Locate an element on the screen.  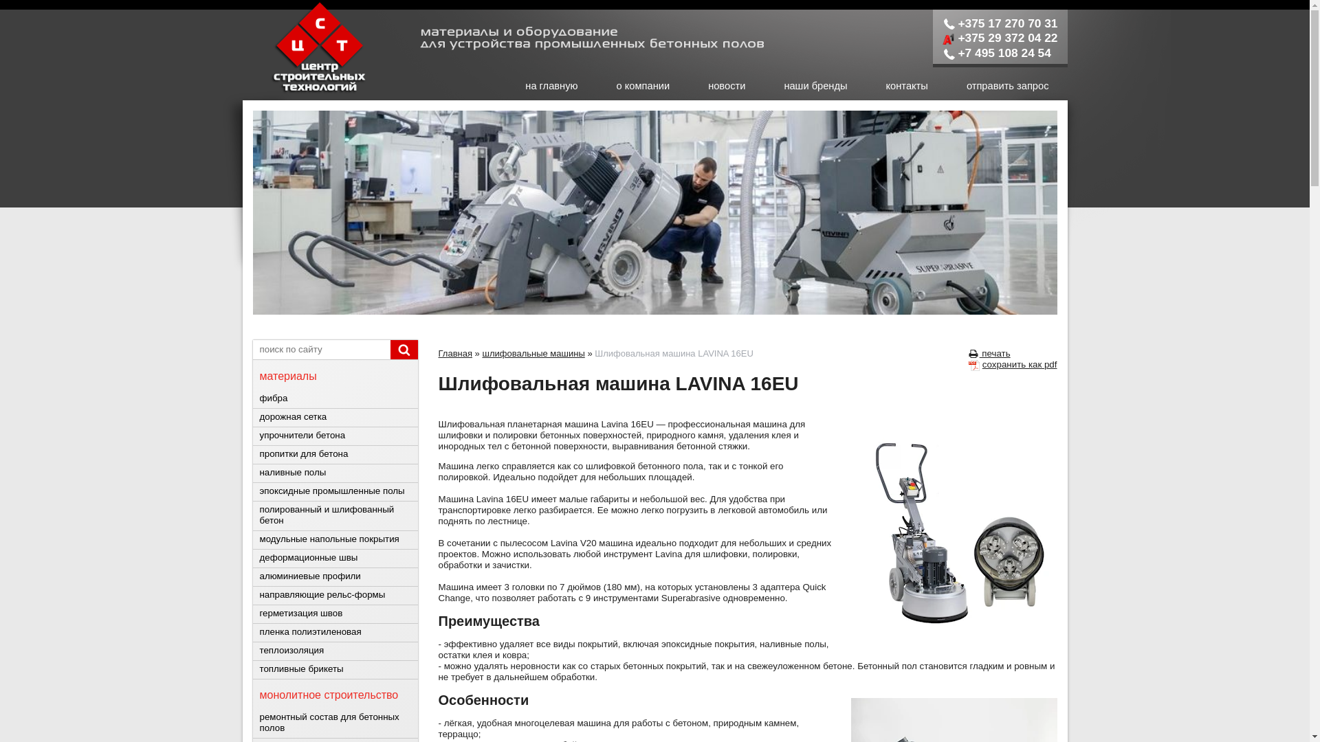
'+375 17 270 70 31' is located at coordinates (942, 23).